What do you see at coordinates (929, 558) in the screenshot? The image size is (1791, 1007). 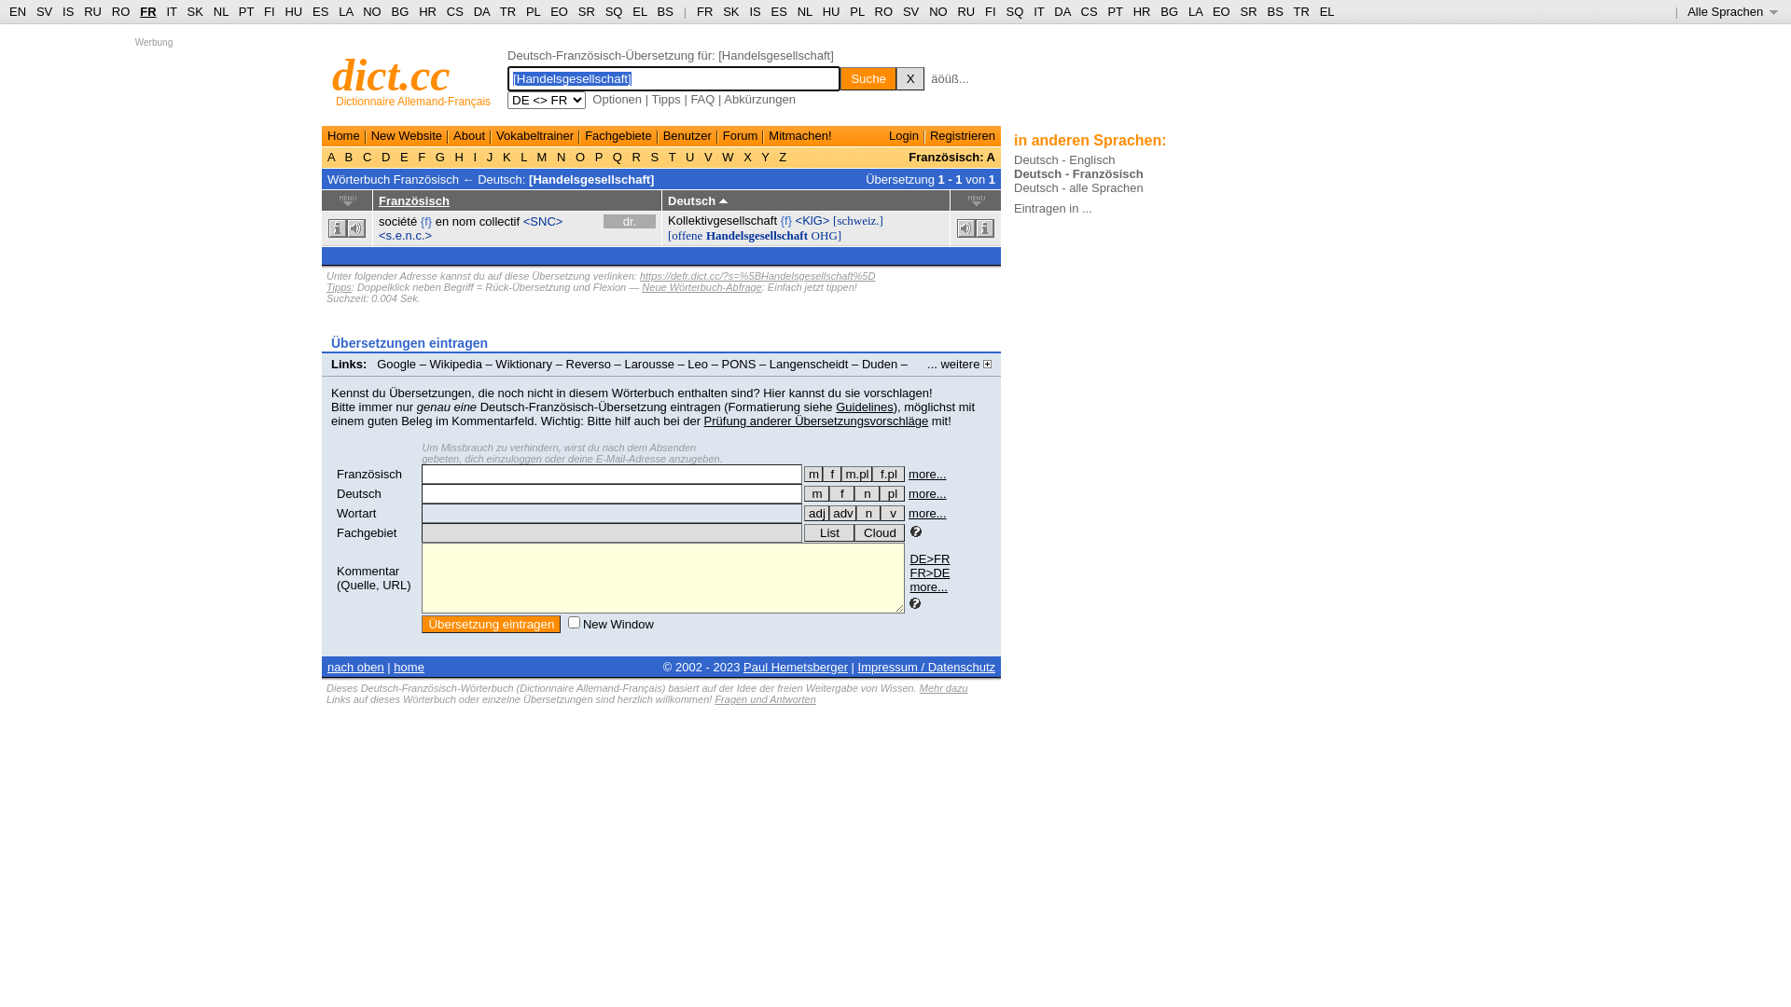 I see `'DE>FR'` at bounding box center [929, 558].